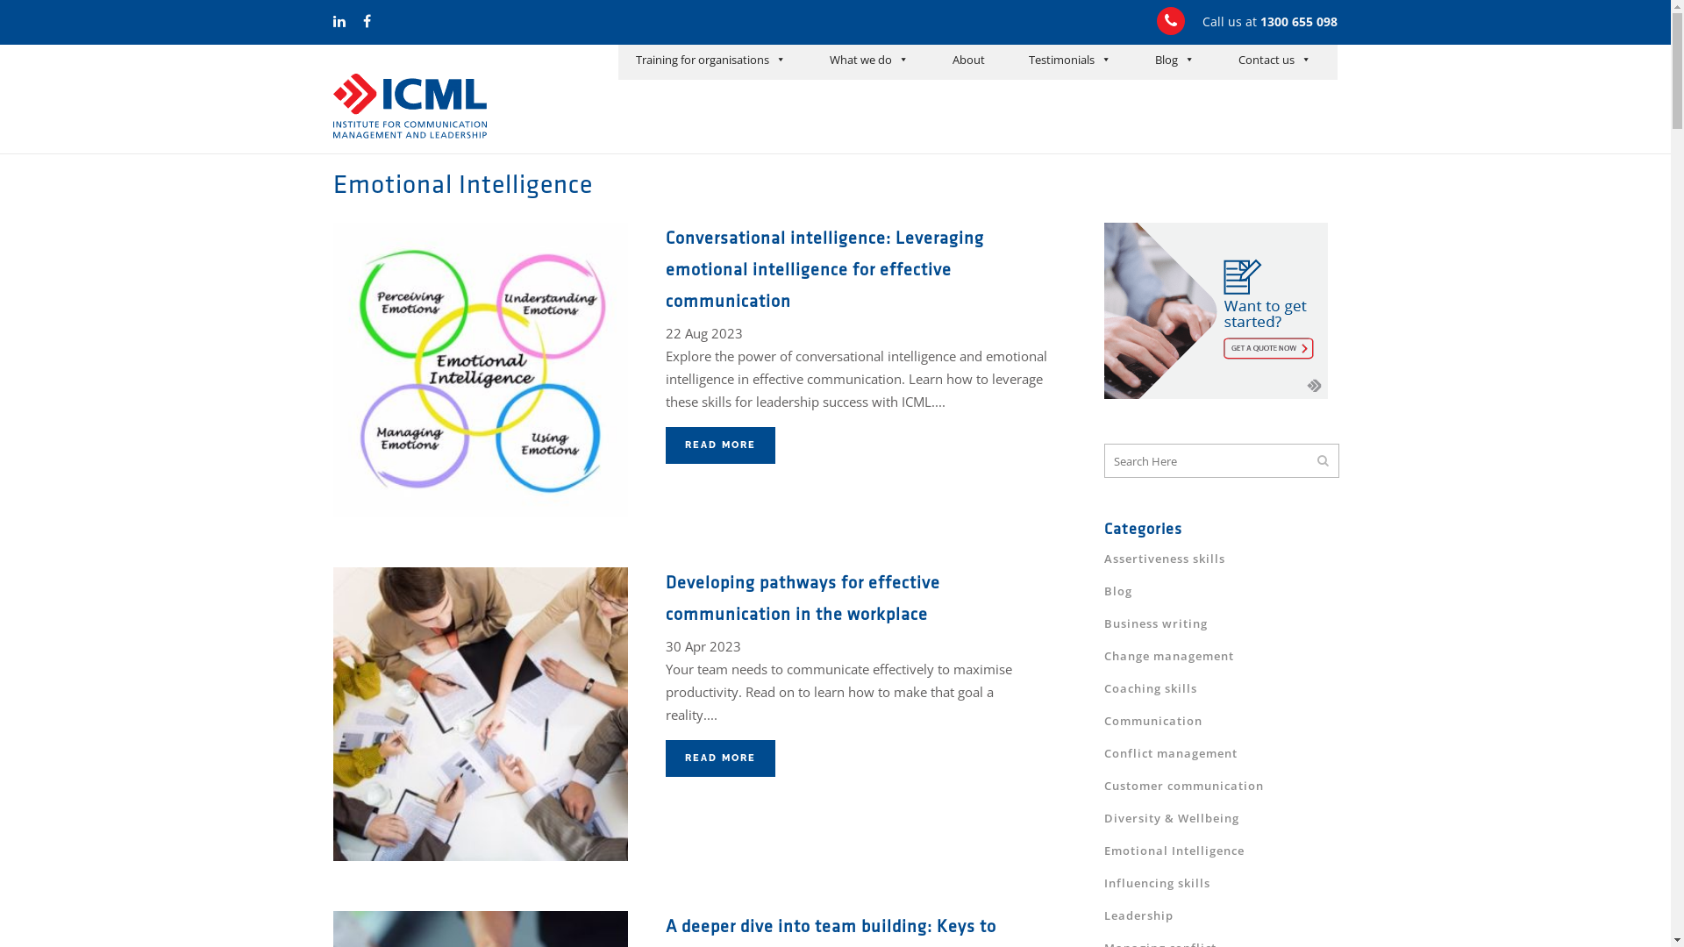 The width and height of the screenshot is (1684, 947). I want to click on 'About', so click(967, 61).